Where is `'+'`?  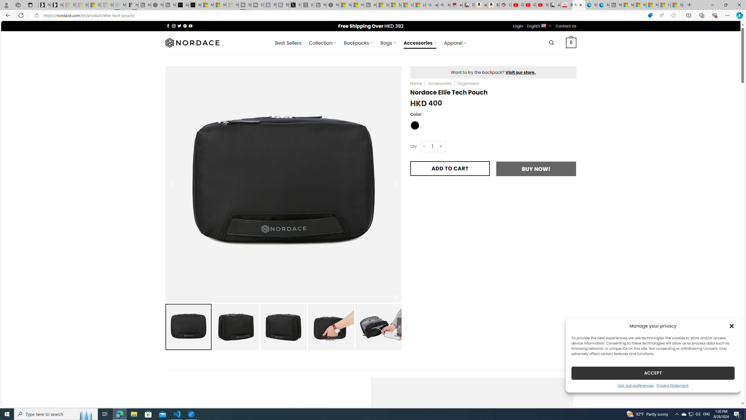 '+' is located at coordinates (441, 146).